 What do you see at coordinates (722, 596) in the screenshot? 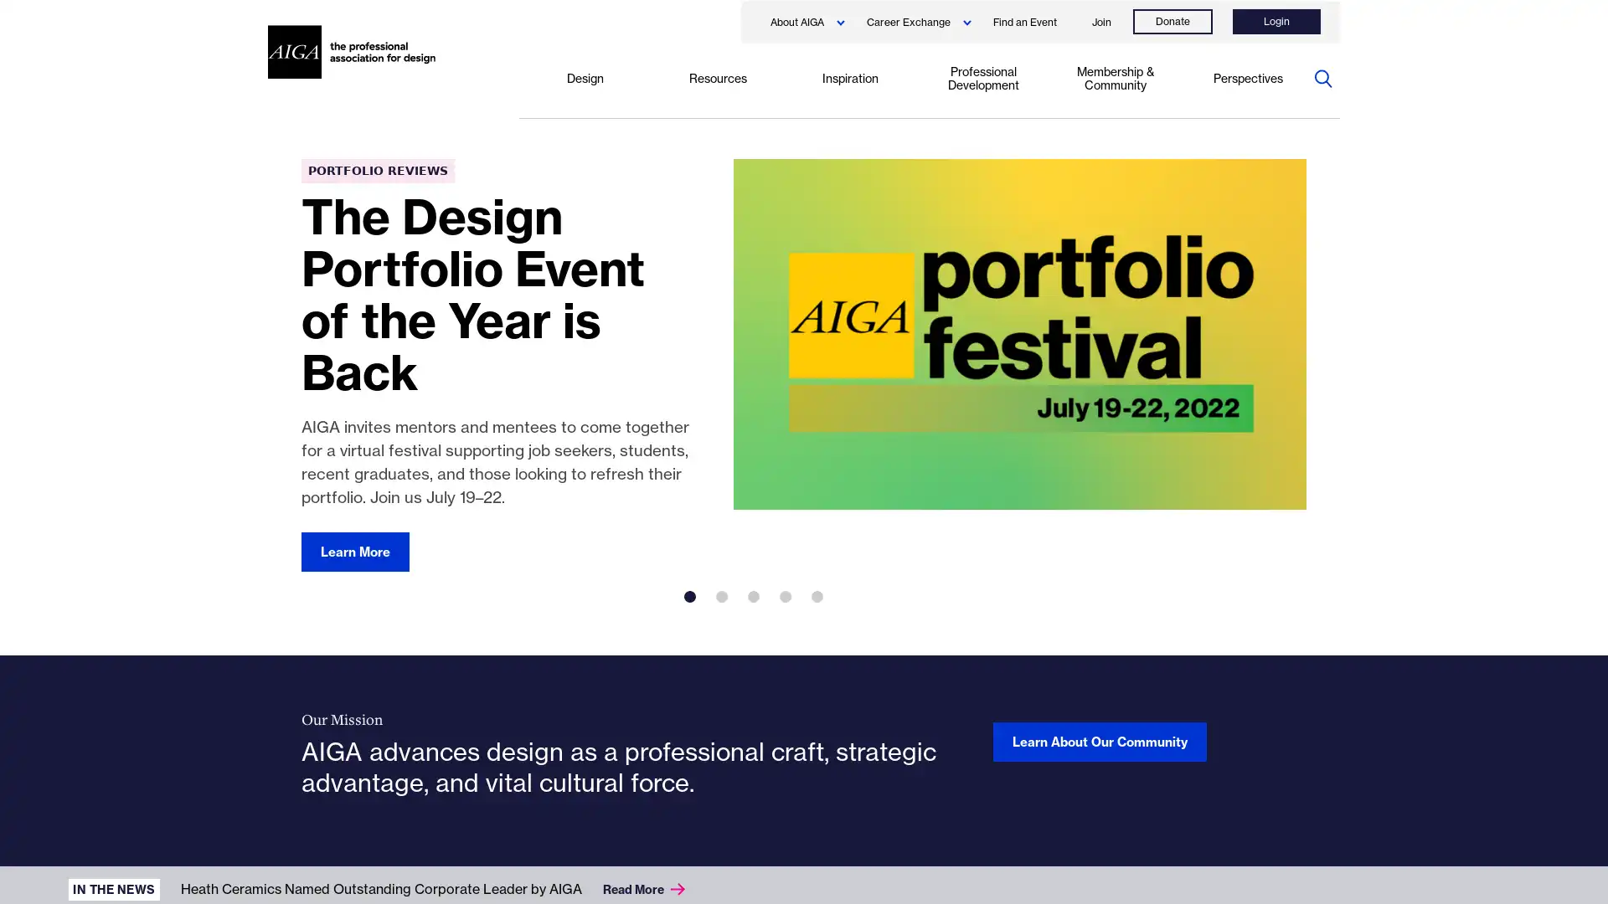
I see `2 of 5` at bounding box center [722, 596].